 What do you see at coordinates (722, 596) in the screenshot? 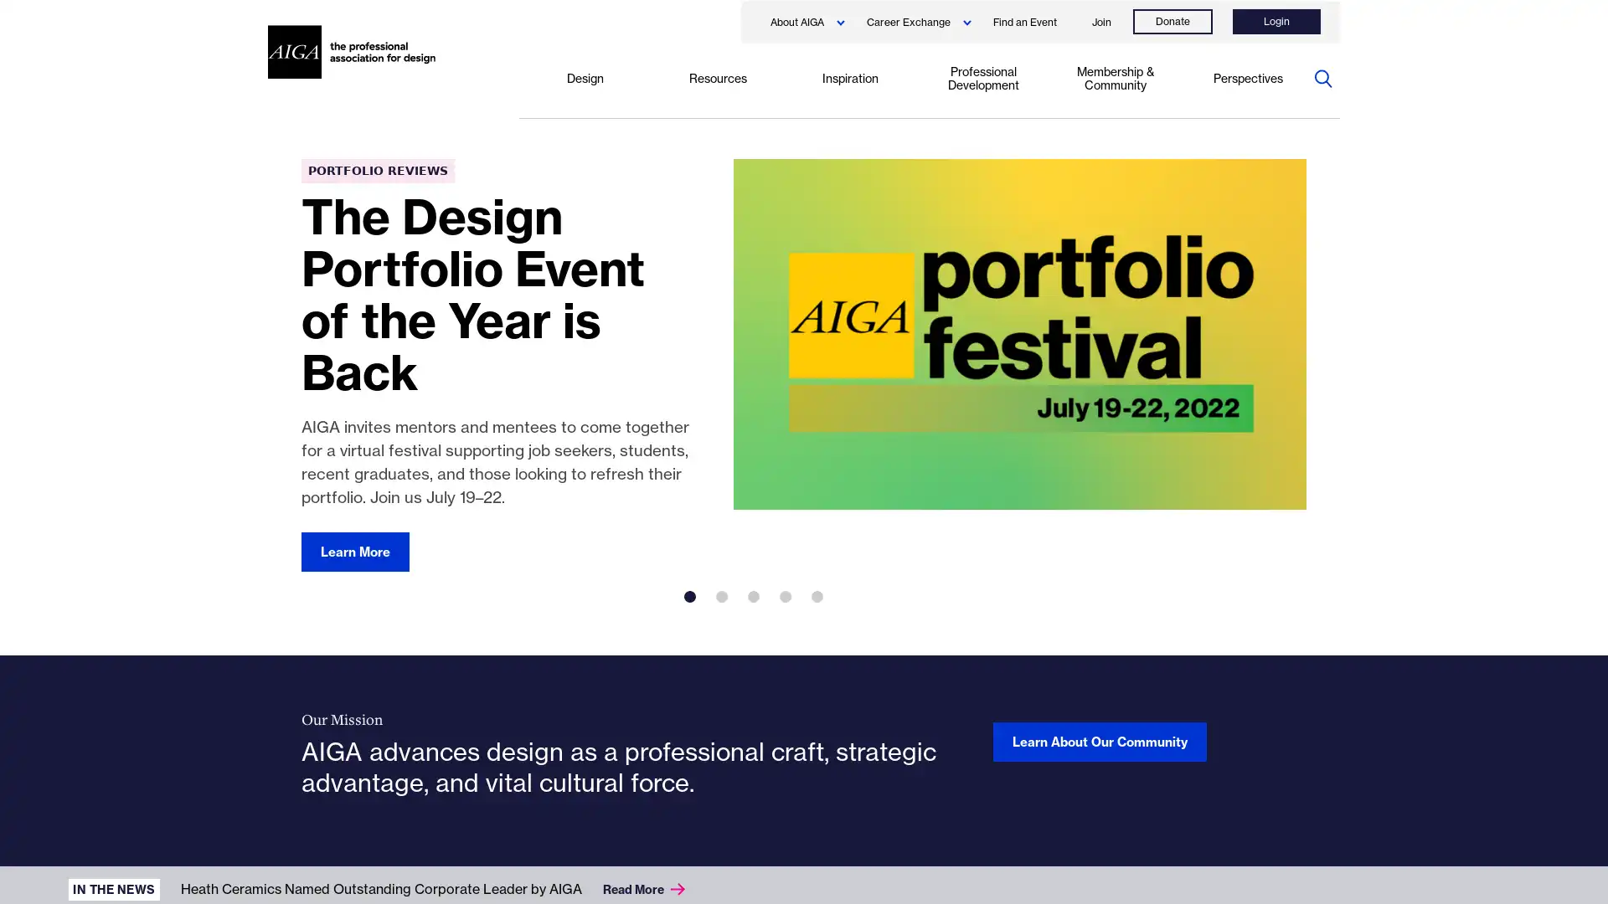
I see `2 of 5` at bounding box center [722, 596].